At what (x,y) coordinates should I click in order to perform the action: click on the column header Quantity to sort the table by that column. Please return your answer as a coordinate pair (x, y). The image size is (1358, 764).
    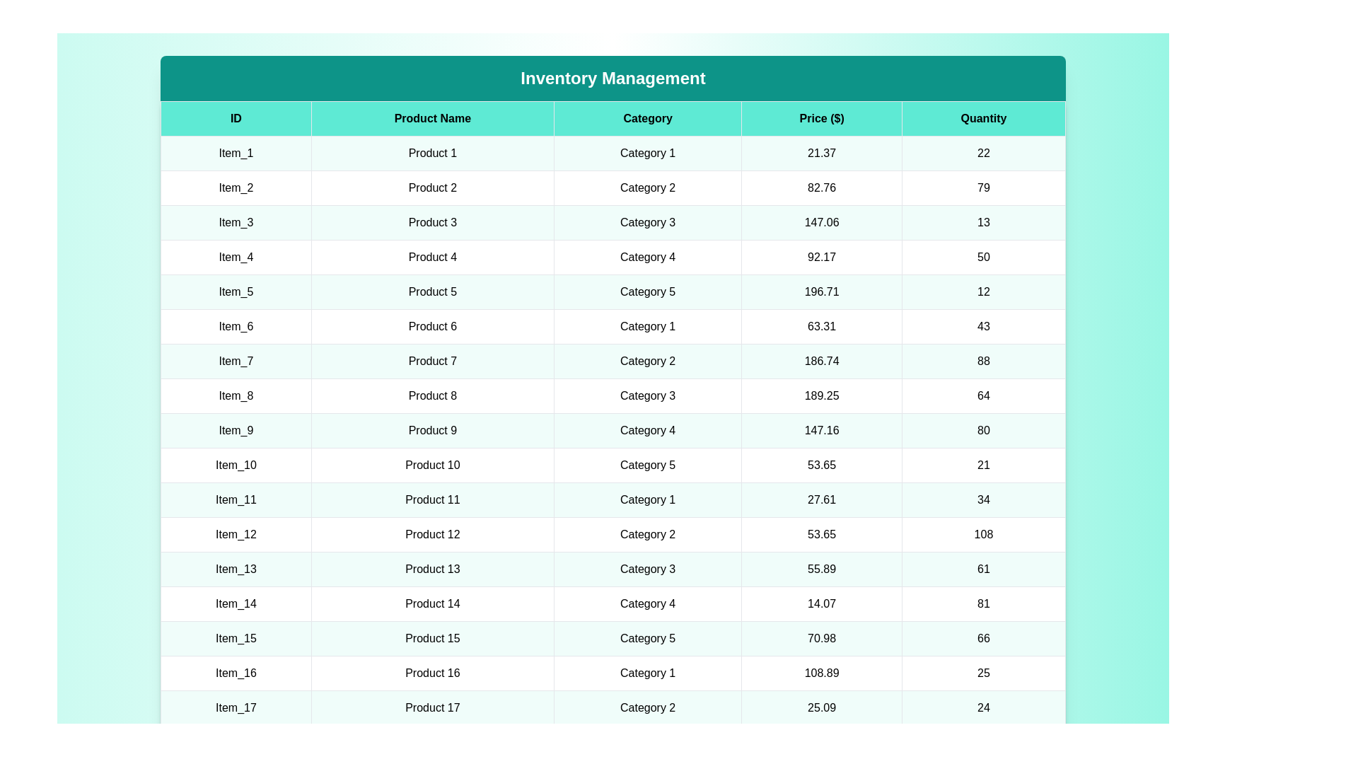
    Looking at the image, I should click on (983, 118).